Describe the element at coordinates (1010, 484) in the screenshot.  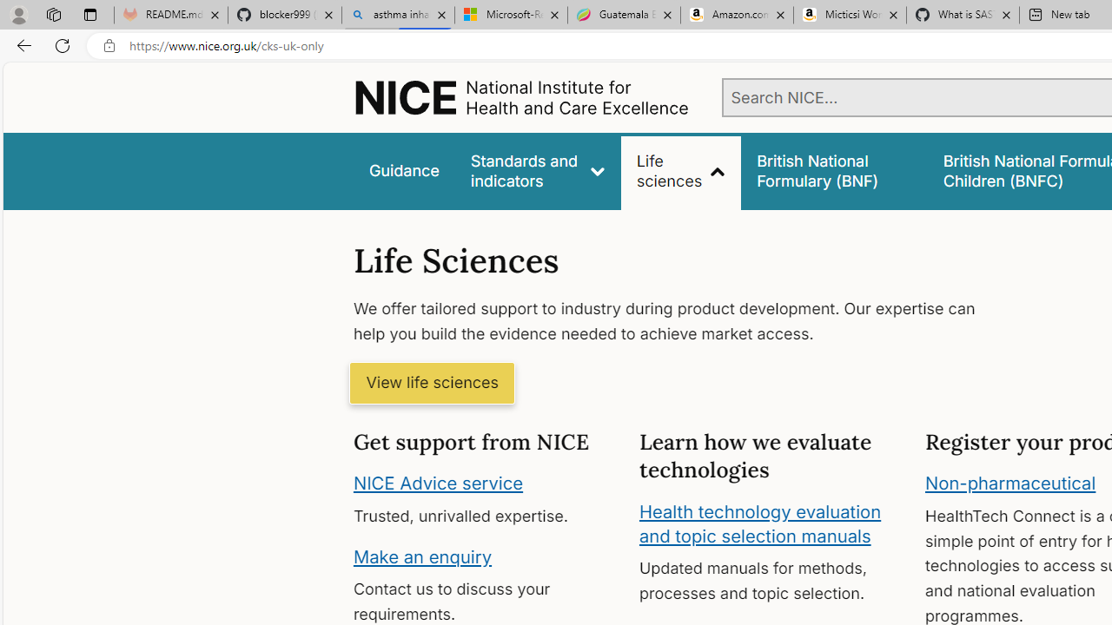
I see `'Non-pharmaceutical'` at that location.